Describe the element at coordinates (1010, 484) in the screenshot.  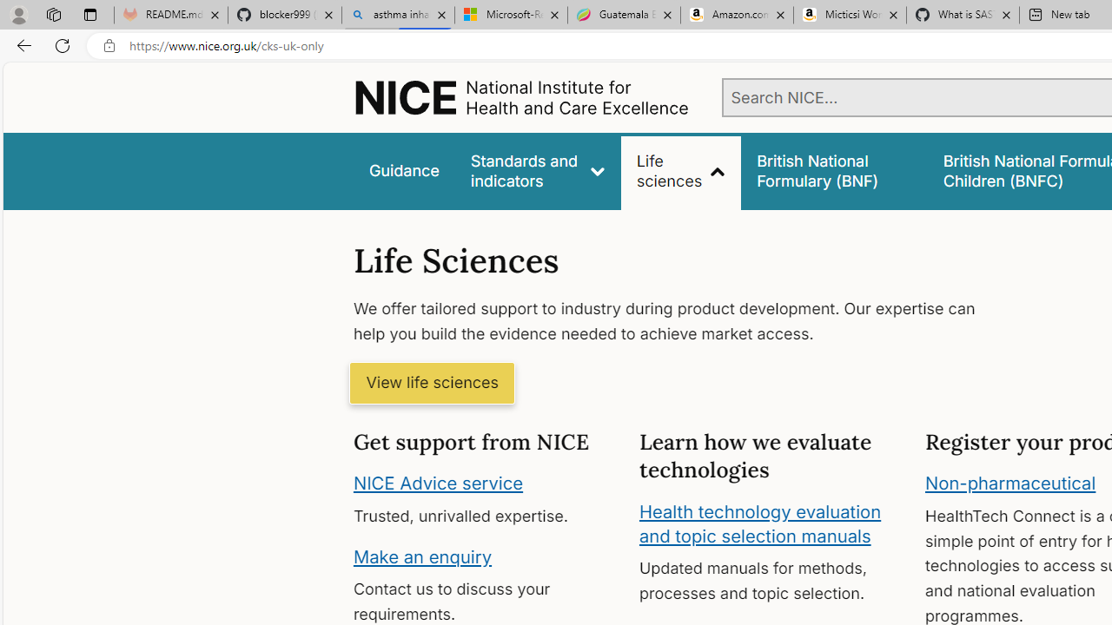
I see `'Non-pharmaceutical'` at that location.